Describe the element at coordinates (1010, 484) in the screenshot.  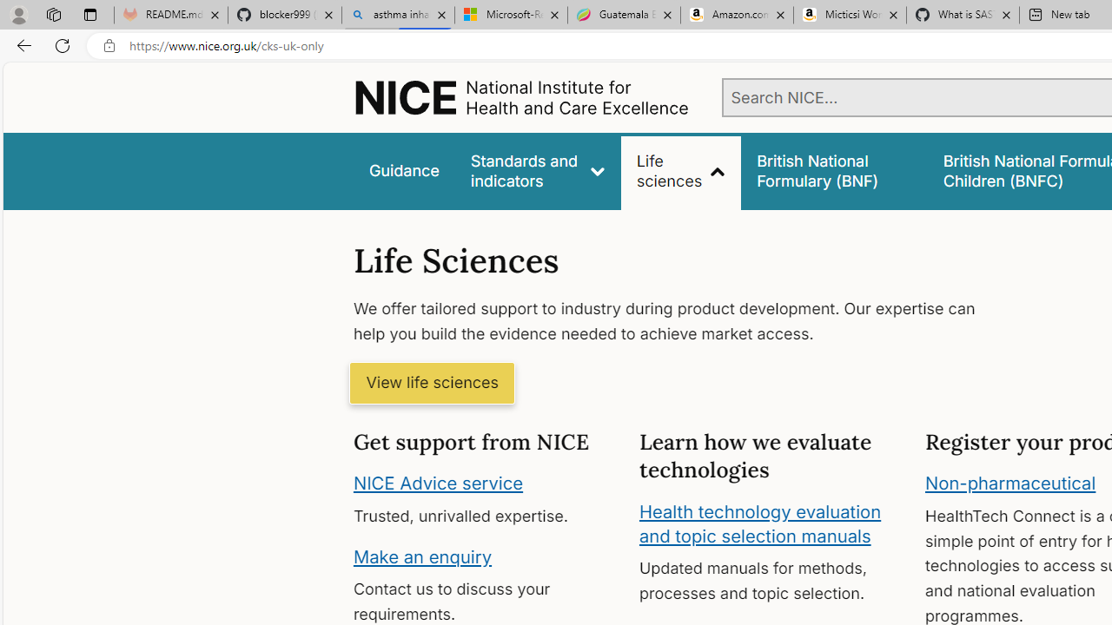
I see `'Non-pharmaceutical'` at that location.